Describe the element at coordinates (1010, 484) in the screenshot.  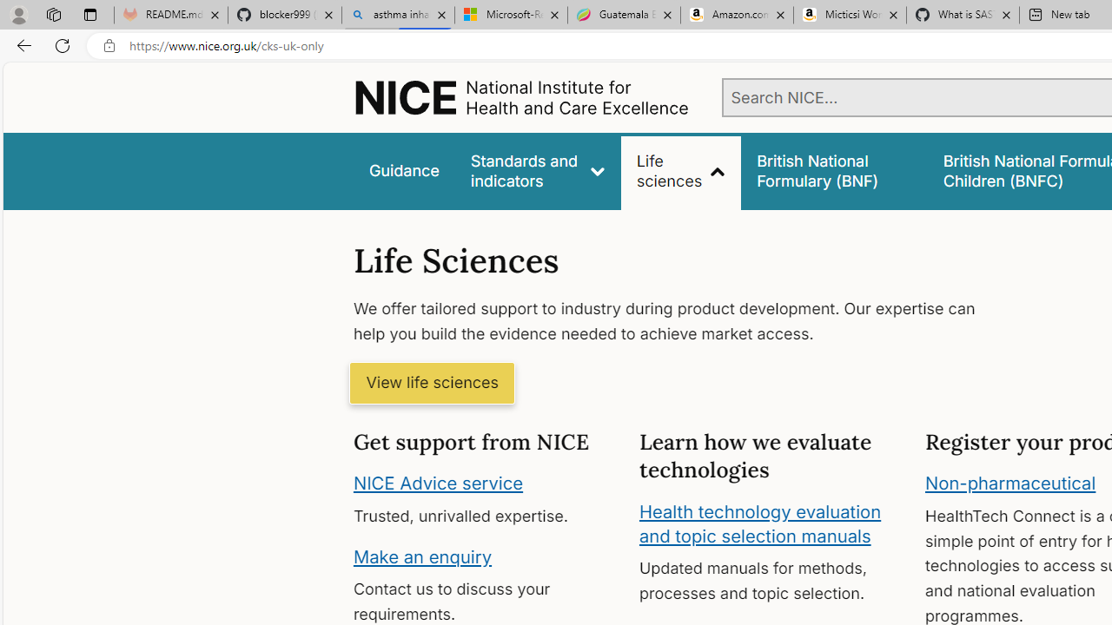
I see `'Non-pharmaceutical'` at that location.